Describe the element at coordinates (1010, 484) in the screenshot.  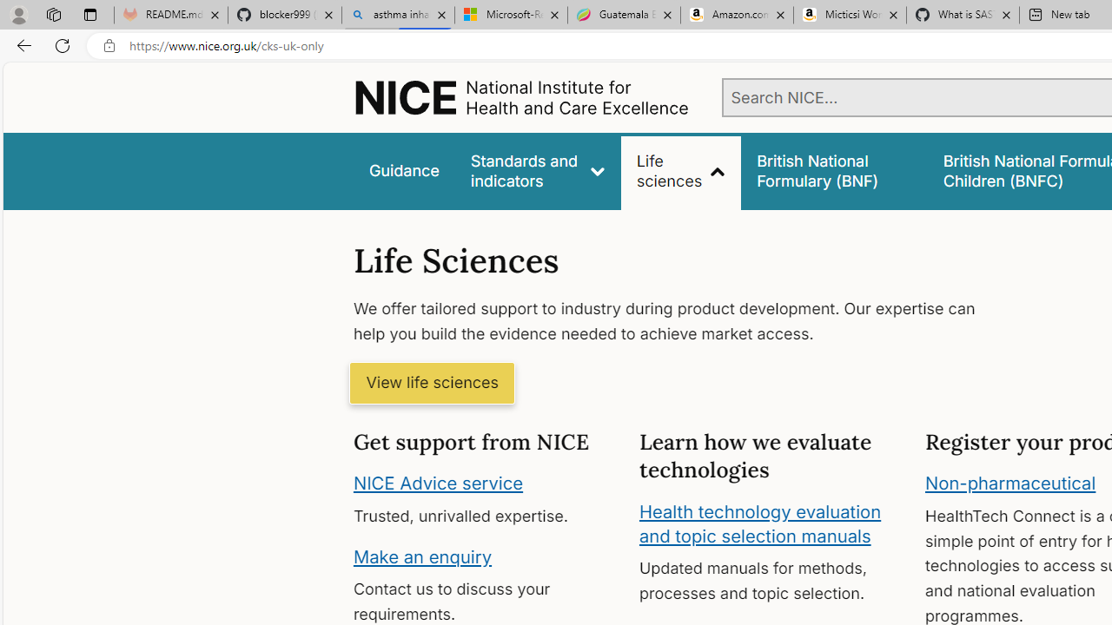
I see `'Non-pharmaceutical'` at that location.